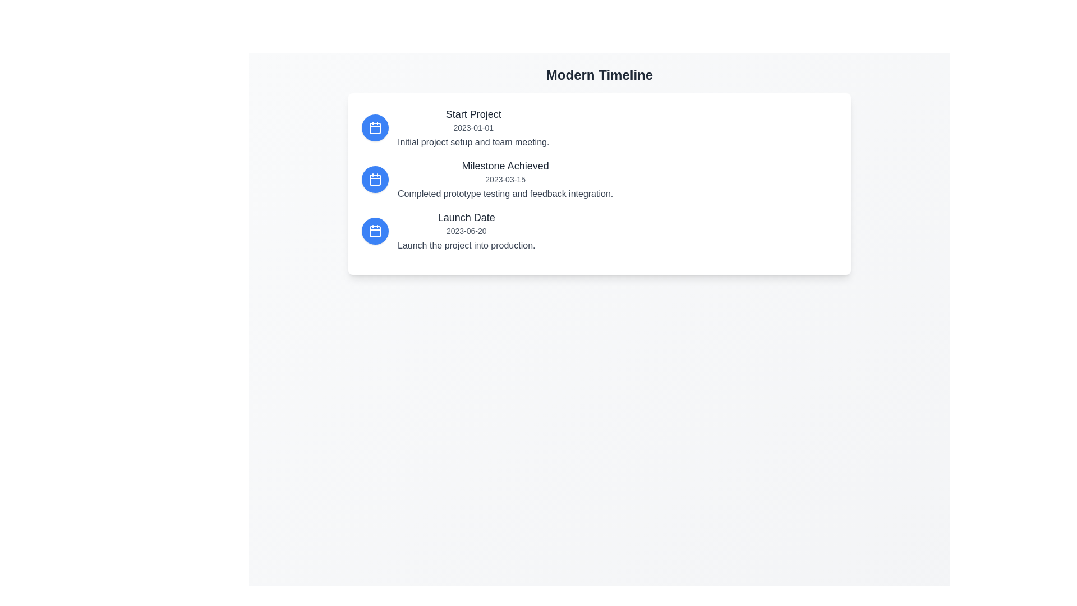 The image size is (1077, 606). I want to click on the calendar icon with a blue background and white symbol located centrally within the second timeline event titled 'Milestone Achieved', so click(375, 179).